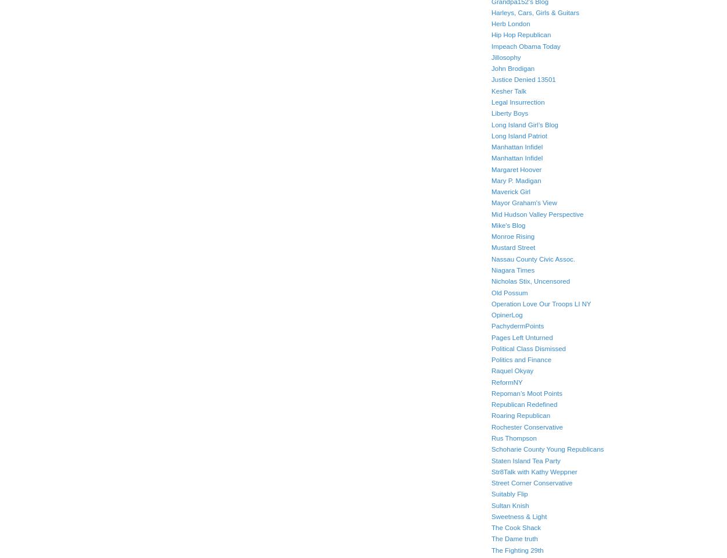  Describe the element at coordinates (506, 381) in the screenshot. I see `'ReformNY'` at that location.